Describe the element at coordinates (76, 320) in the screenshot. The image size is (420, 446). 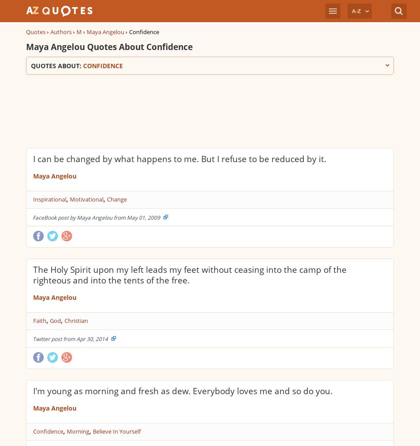
I see `'Christian'` at that location.